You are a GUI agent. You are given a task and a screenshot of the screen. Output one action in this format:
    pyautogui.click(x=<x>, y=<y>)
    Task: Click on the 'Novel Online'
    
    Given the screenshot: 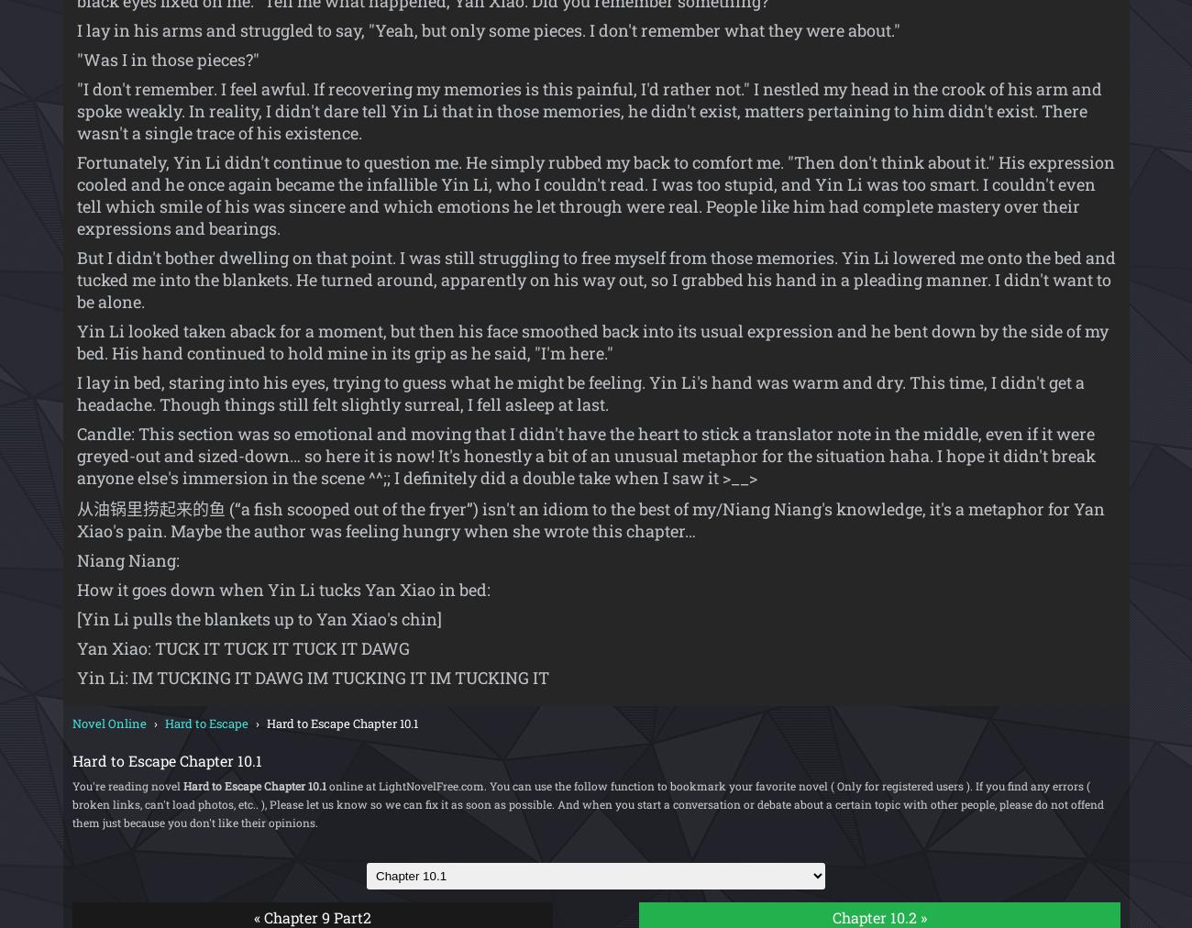 What is the action you would take?
    pyautogui.click(x=107, y=722)
    